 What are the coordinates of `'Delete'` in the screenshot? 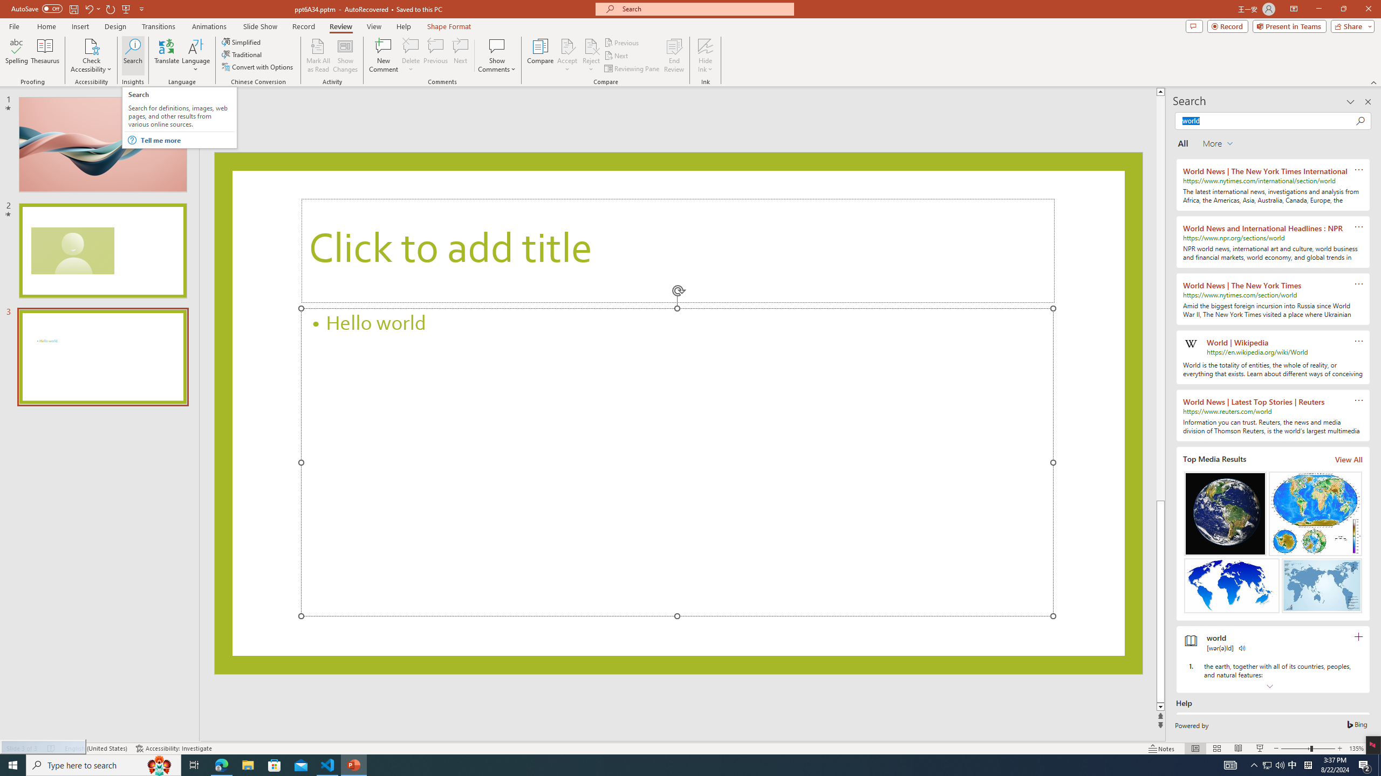 It's located at (411, 56).